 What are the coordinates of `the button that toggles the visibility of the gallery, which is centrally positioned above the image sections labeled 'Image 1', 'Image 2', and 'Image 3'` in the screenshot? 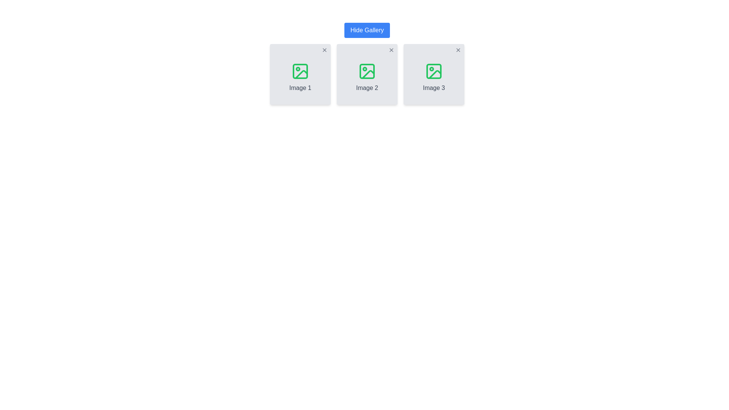 It's located at (367, 30).